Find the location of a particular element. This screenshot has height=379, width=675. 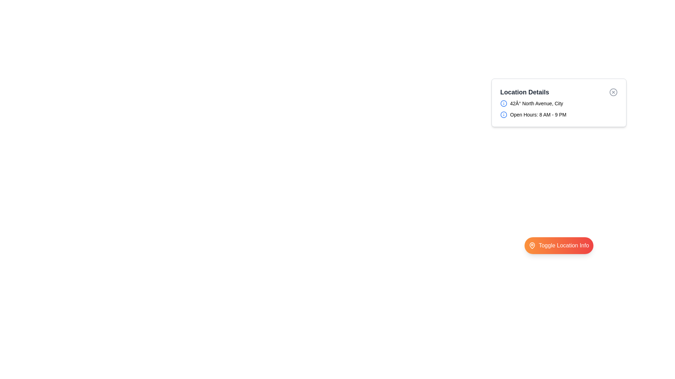

the location toggle icon that is positioned to the left of the text within the 'Toggle Location Info' button is located at coordinates (532, 245).